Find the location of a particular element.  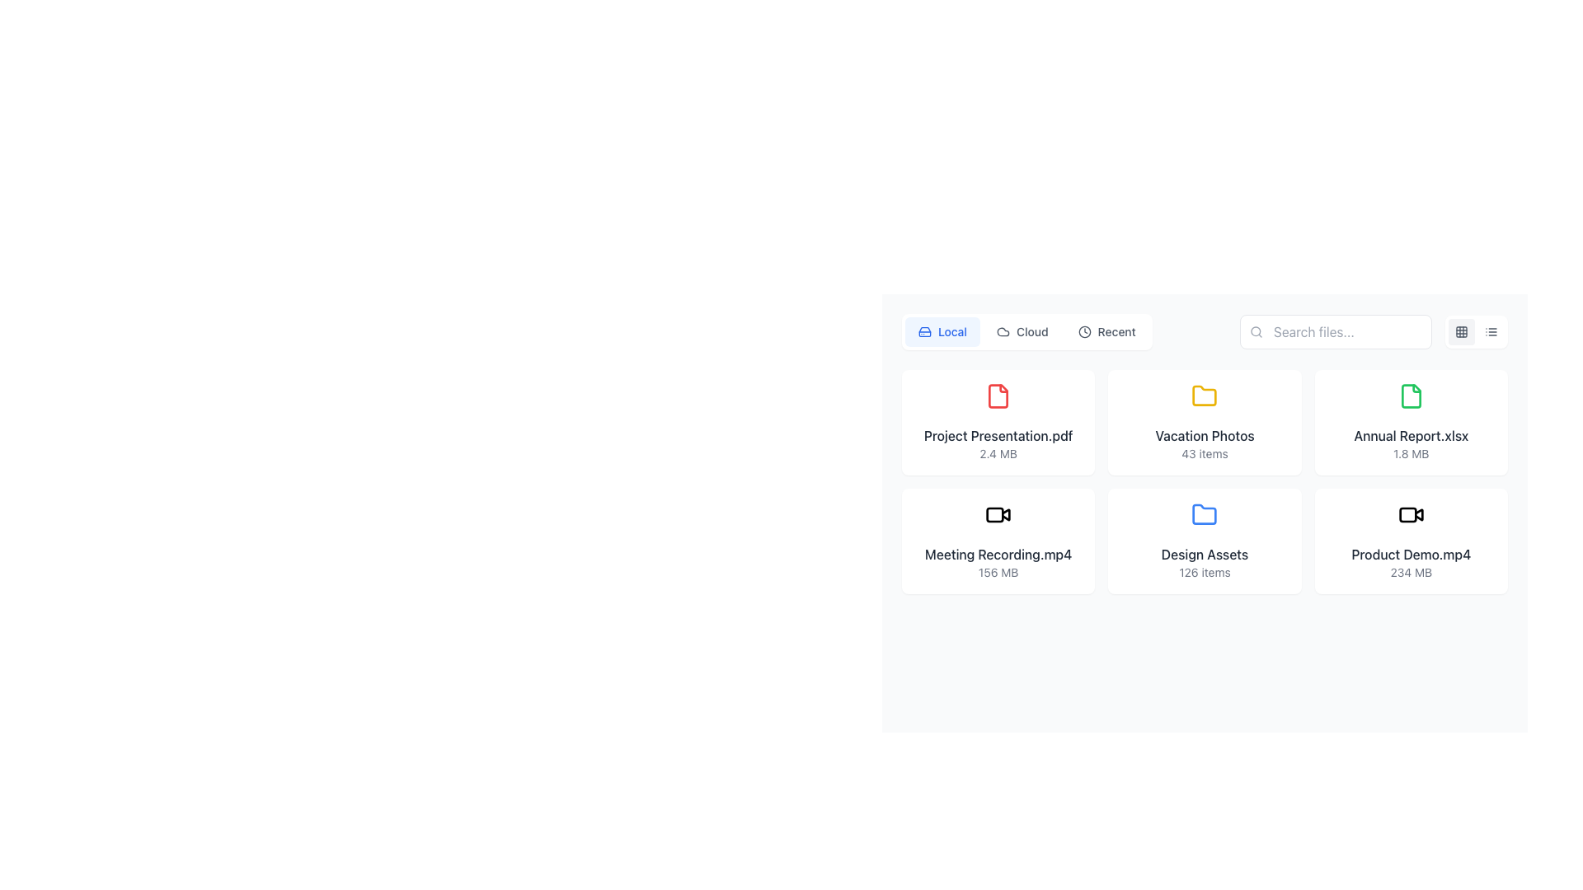

the purple outlined video camera icon at the top center of the 'Product Demo.mp4' file representation is located at coordinates (1410, 513).